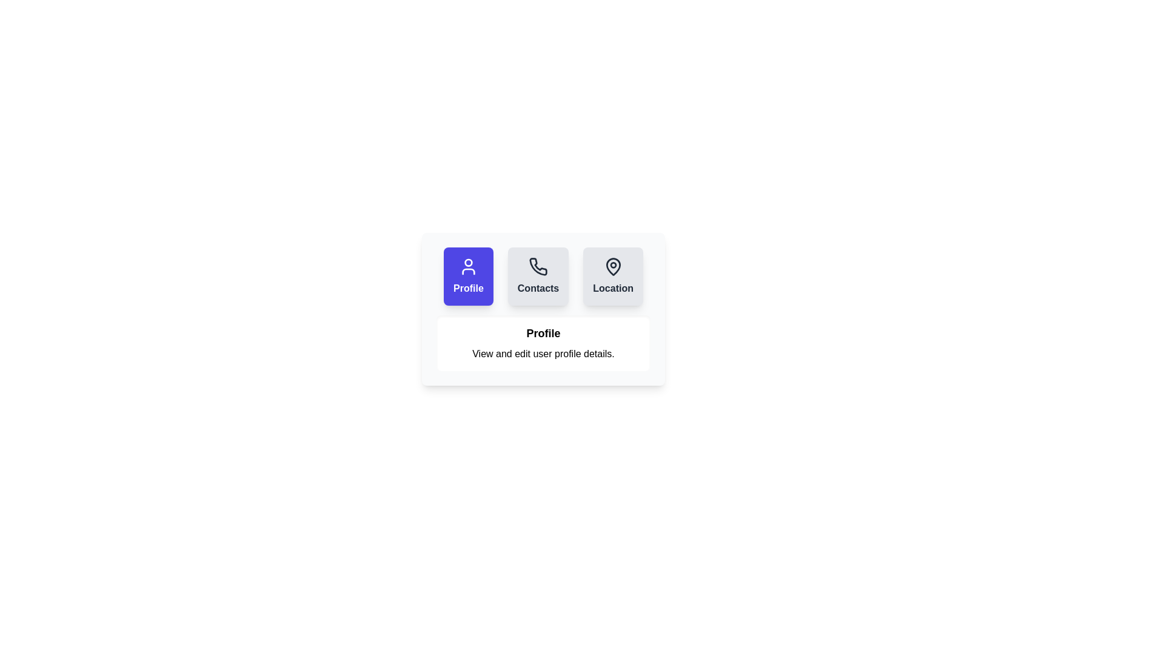 The image size is (1164, 655). Describe the element at coordinates (467, 276) in the screenshot. I see `the Profile tab by clicking its button` at that location.